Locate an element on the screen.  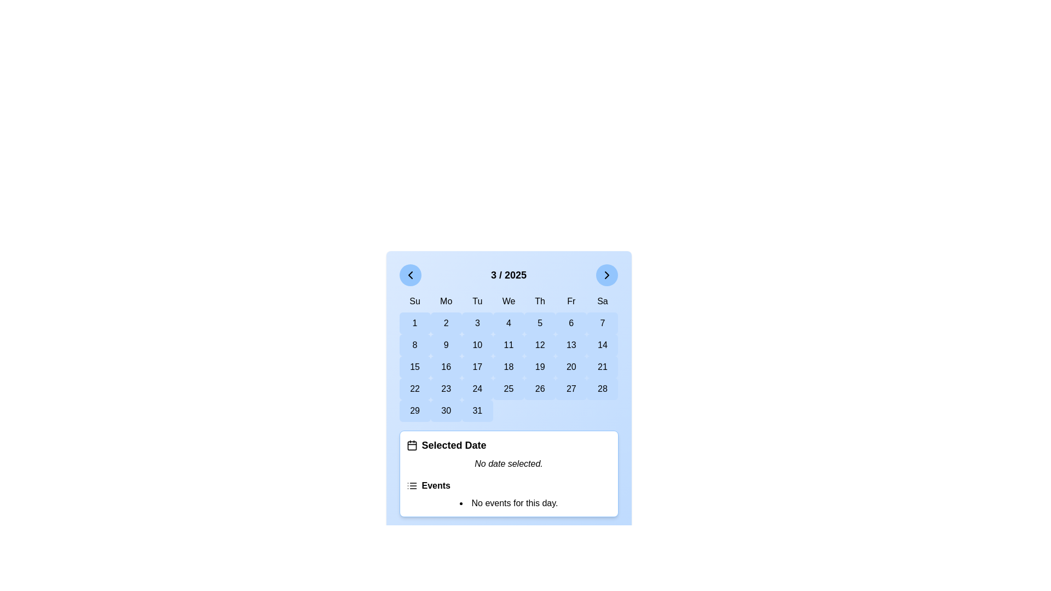
the rightward-pointing chevron icon inside the blue circular button located near the top-right corner of the calendar interface is located at coordinates (607, 274).